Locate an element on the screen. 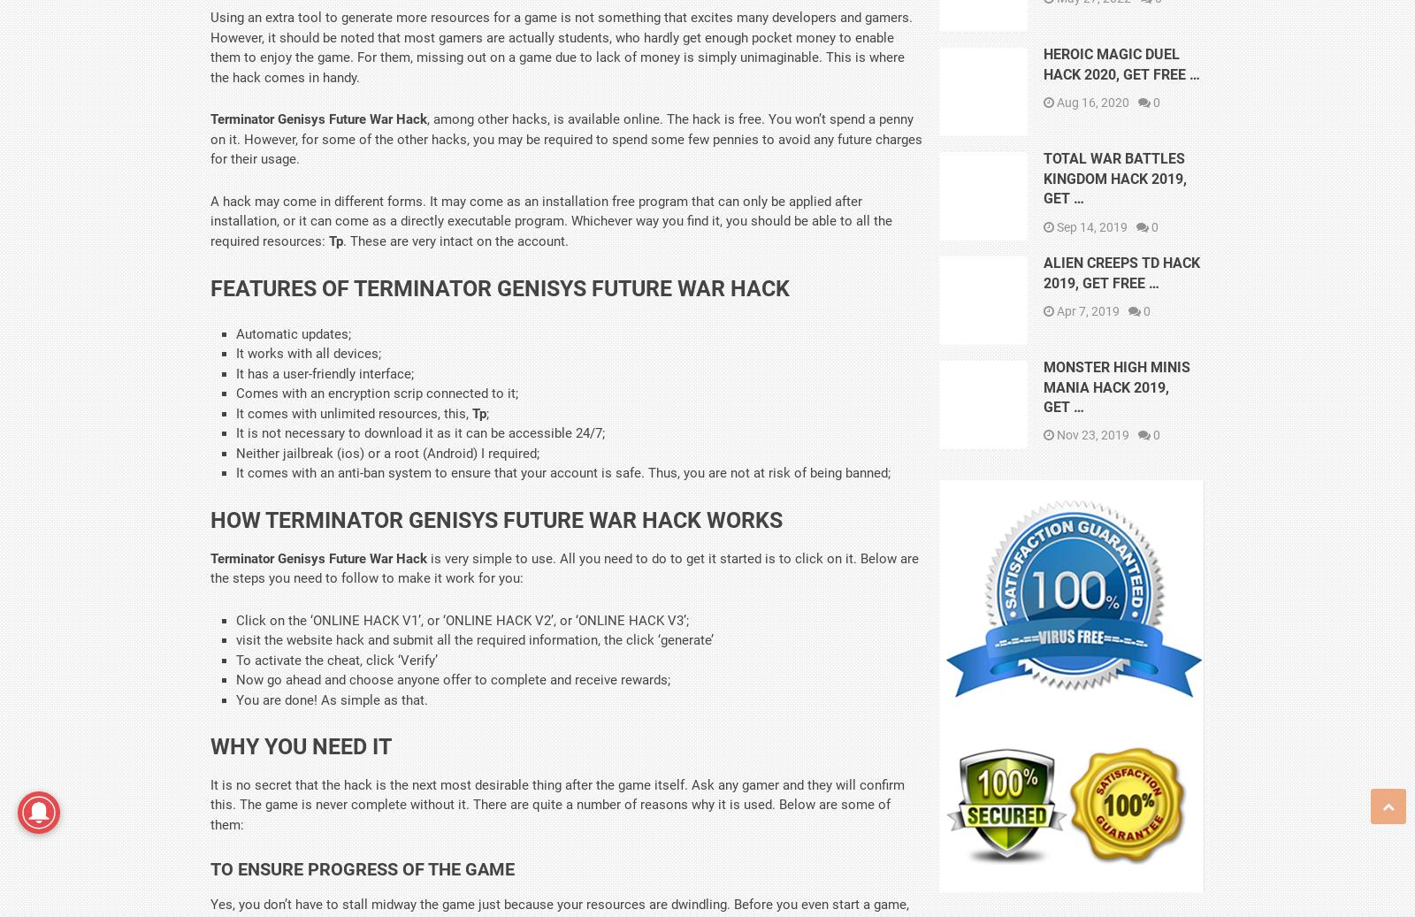  'To Ensure Progress Of The Game' is located at coordinates (361, 868).